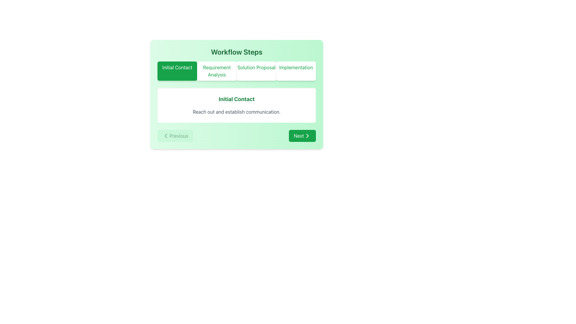 This screenshot has width=576, height=324. Describe the element at coordinates (217, 70) in the screenshot. I see `the 'Requirement Analysis' button in the Workflow Steps section` at that location.